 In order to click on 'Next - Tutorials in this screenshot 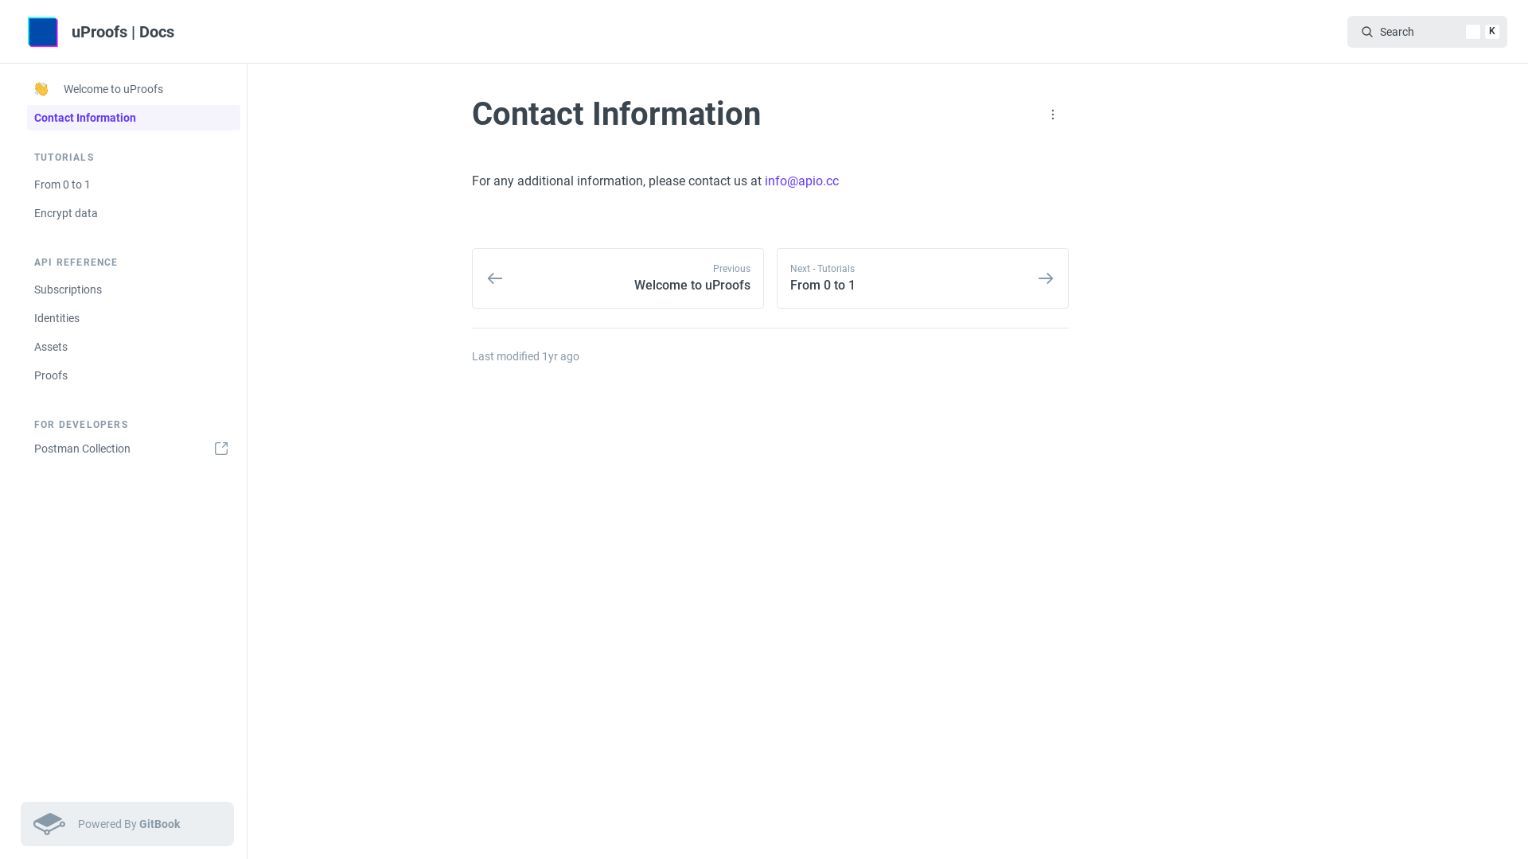, I will do `click(922, 278)`.